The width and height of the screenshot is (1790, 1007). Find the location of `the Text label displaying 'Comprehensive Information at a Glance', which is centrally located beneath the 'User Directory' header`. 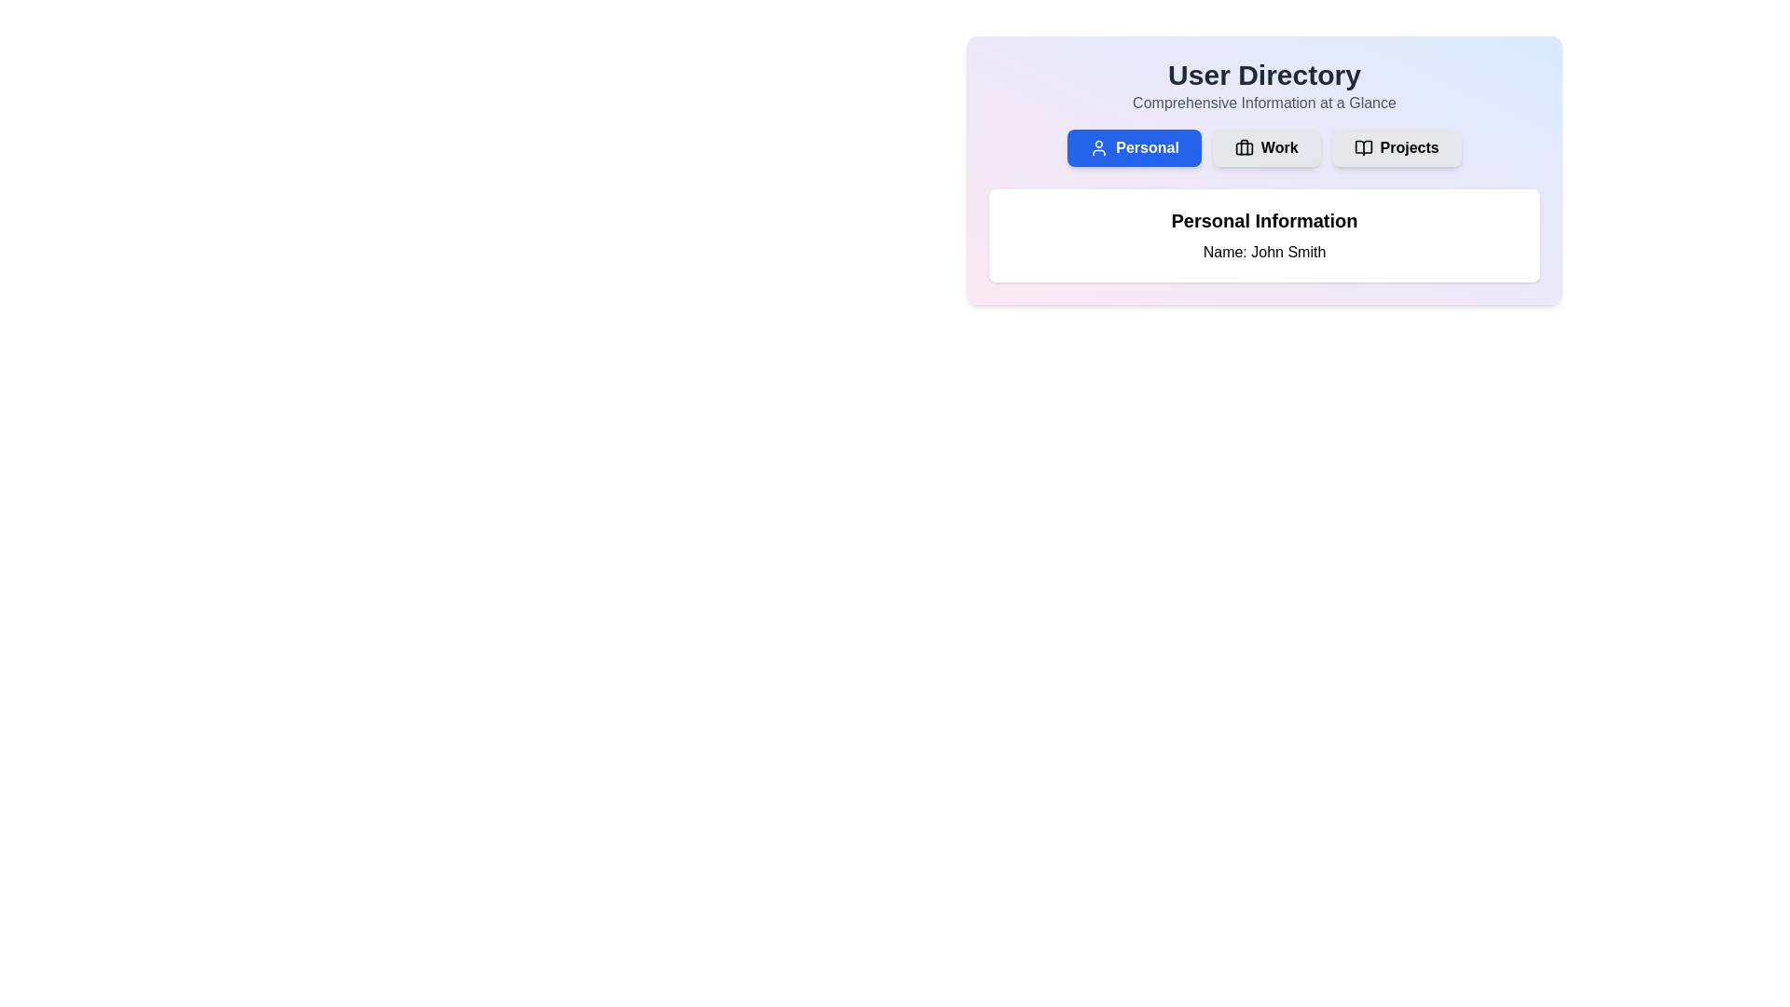

the Text label displaying 'Comprehensive Information at a Glance', which is centrally located beneath the 'User Directory' header is located at coordinates (1264, 103).